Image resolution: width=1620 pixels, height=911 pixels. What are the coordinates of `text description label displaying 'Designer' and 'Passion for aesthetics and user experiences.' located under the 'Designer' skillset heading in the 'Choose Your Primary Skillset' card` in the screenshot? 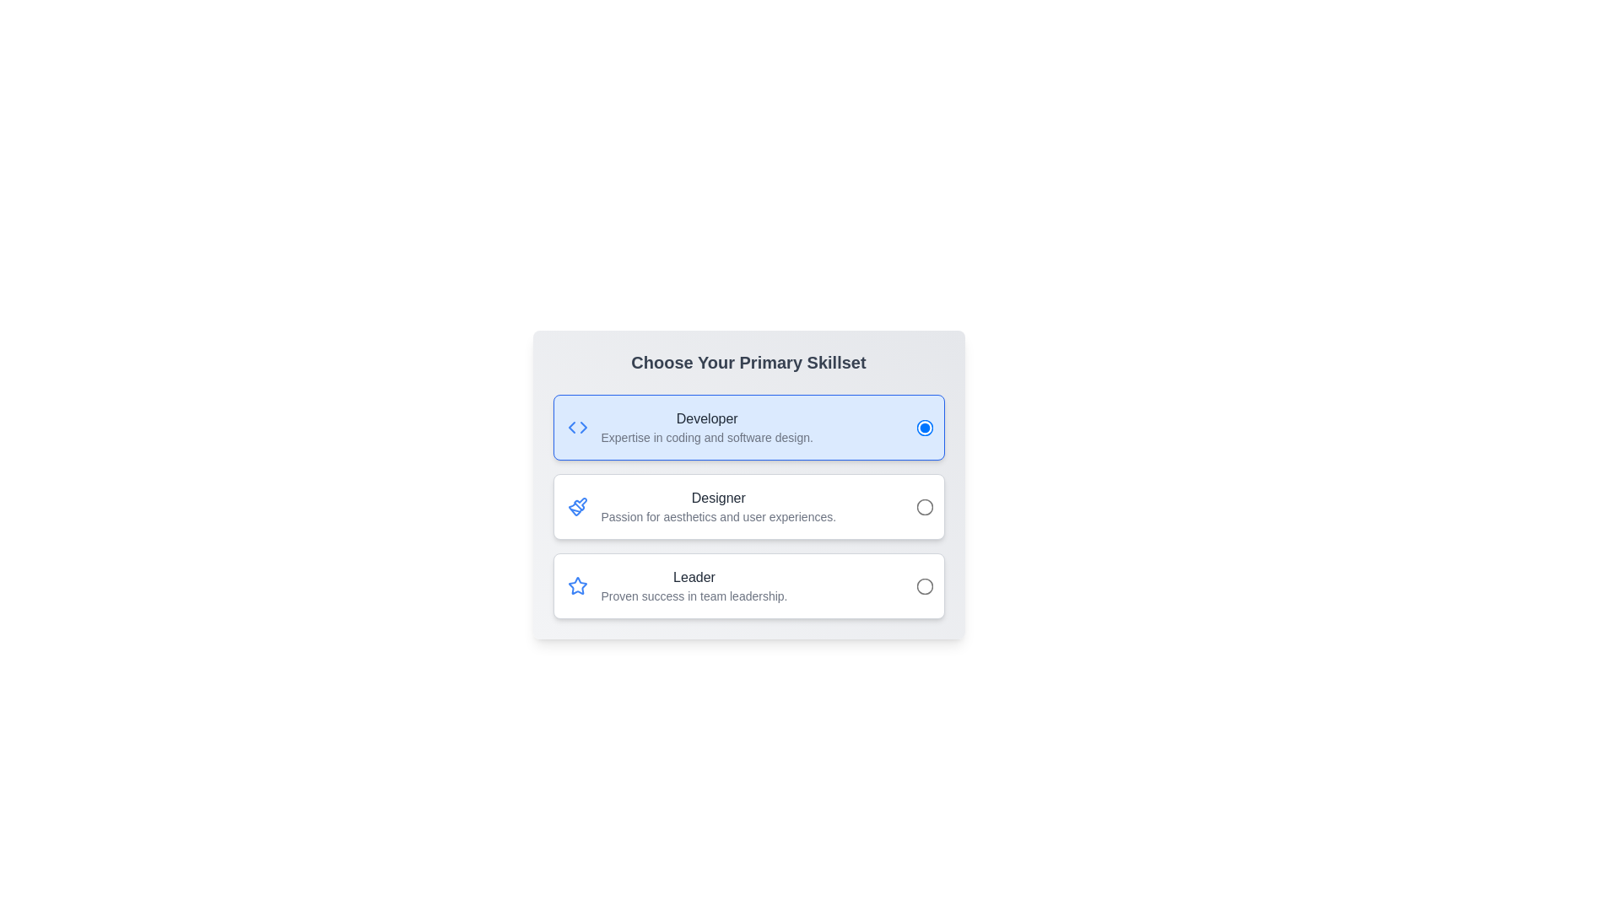 It's located at (718, 506).